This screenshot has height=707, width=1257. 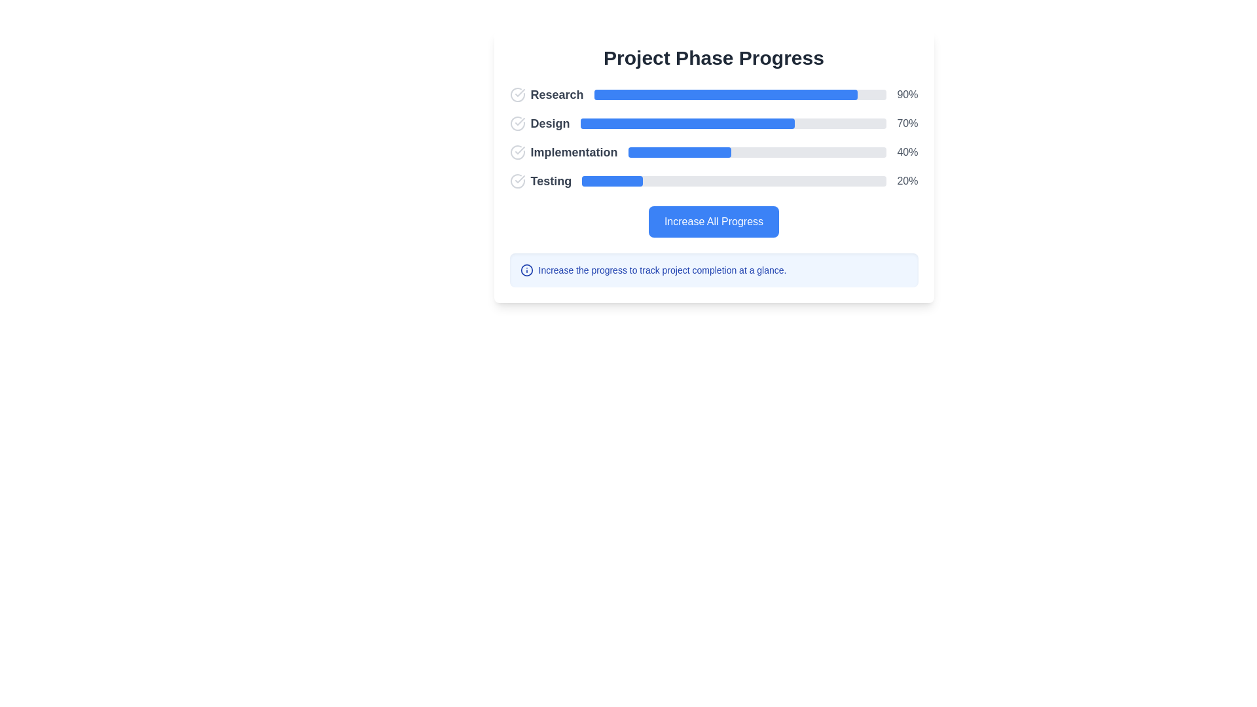 I want to click on the progress bar indicating 70% completion for the 'Design' phase, which has a gray background and a blue foreground, so click(x=733, y=124).